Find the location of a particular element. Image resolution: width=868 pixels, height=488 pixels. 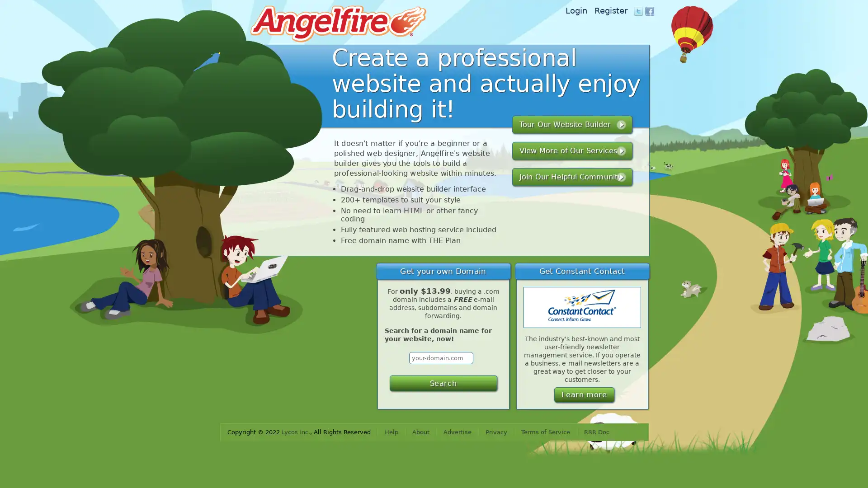

Search is located at coordinates (443, 383).